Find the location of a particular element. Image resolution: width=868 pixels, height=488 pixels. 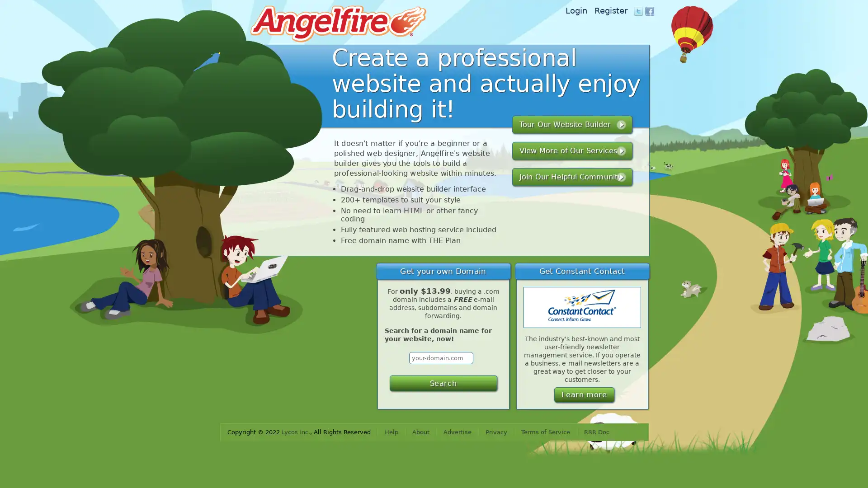

Search is located at coordinates (443, 383).